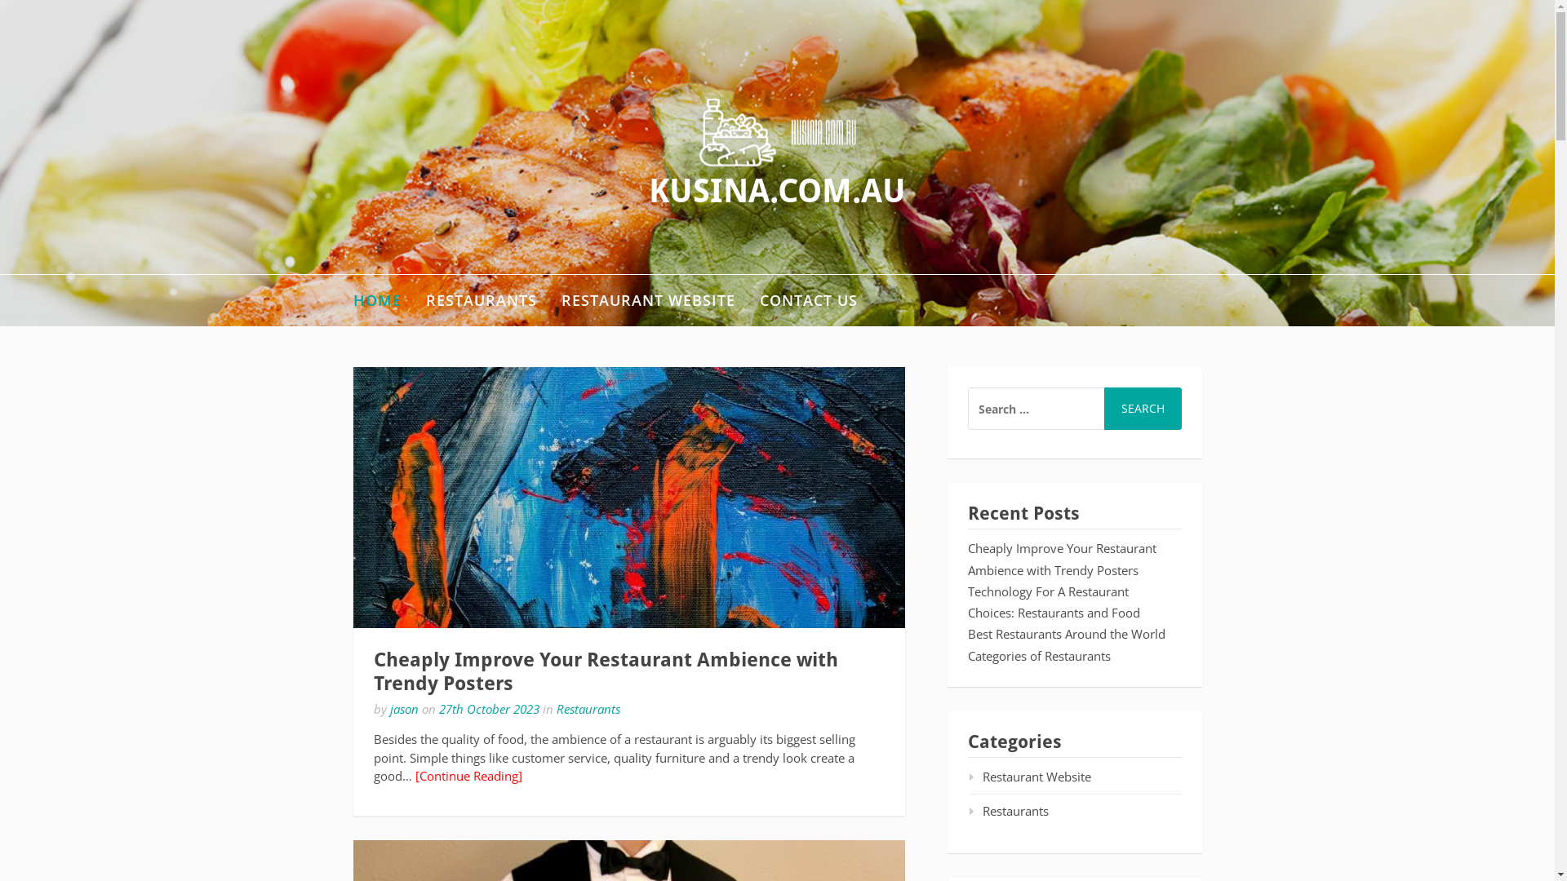 Image resolution: width=1567 pixels, height=881 pixels. What do you see at coordinates (807, 300) in the screenshot?
I see `'CONTACT US'` at bounding box center [807, 300].